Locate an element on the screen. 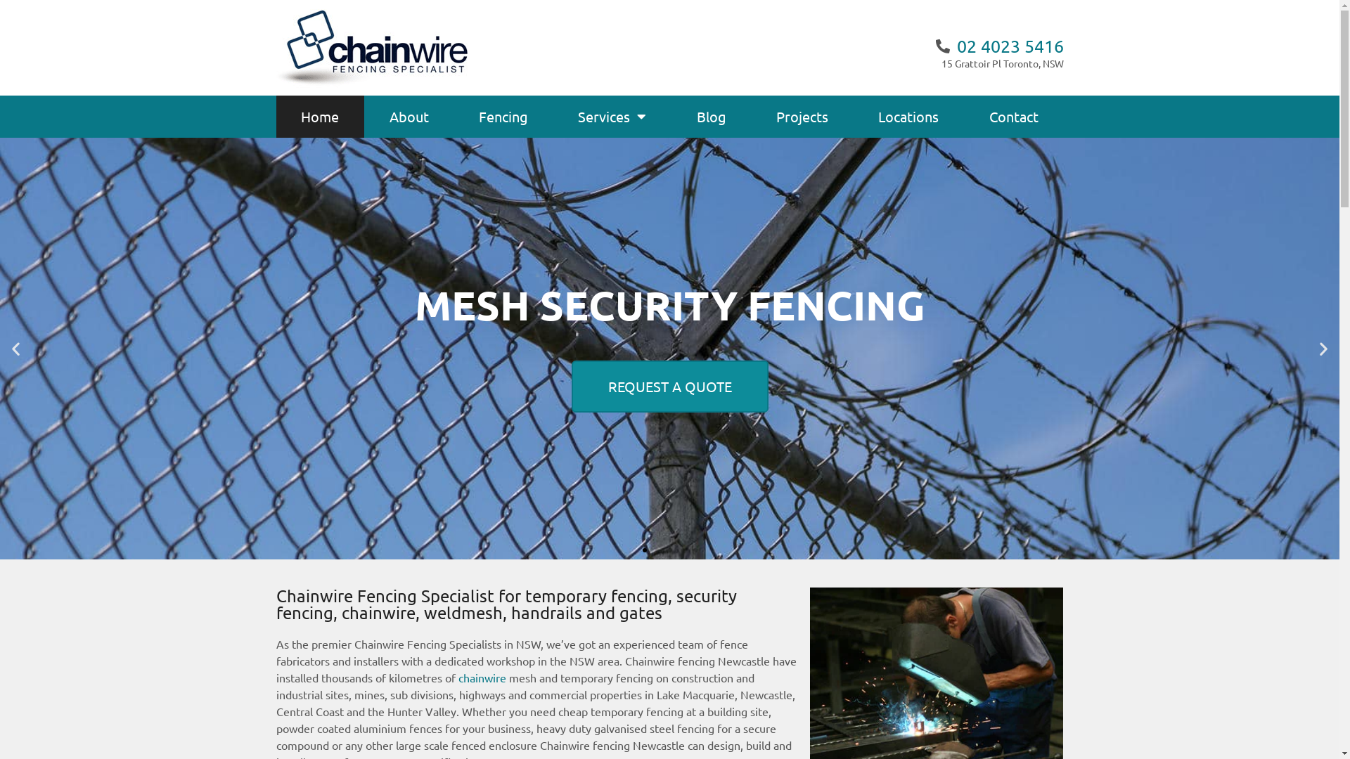 The image size is (1350, 759). 'Contact' is located at coordinates (963, 115).